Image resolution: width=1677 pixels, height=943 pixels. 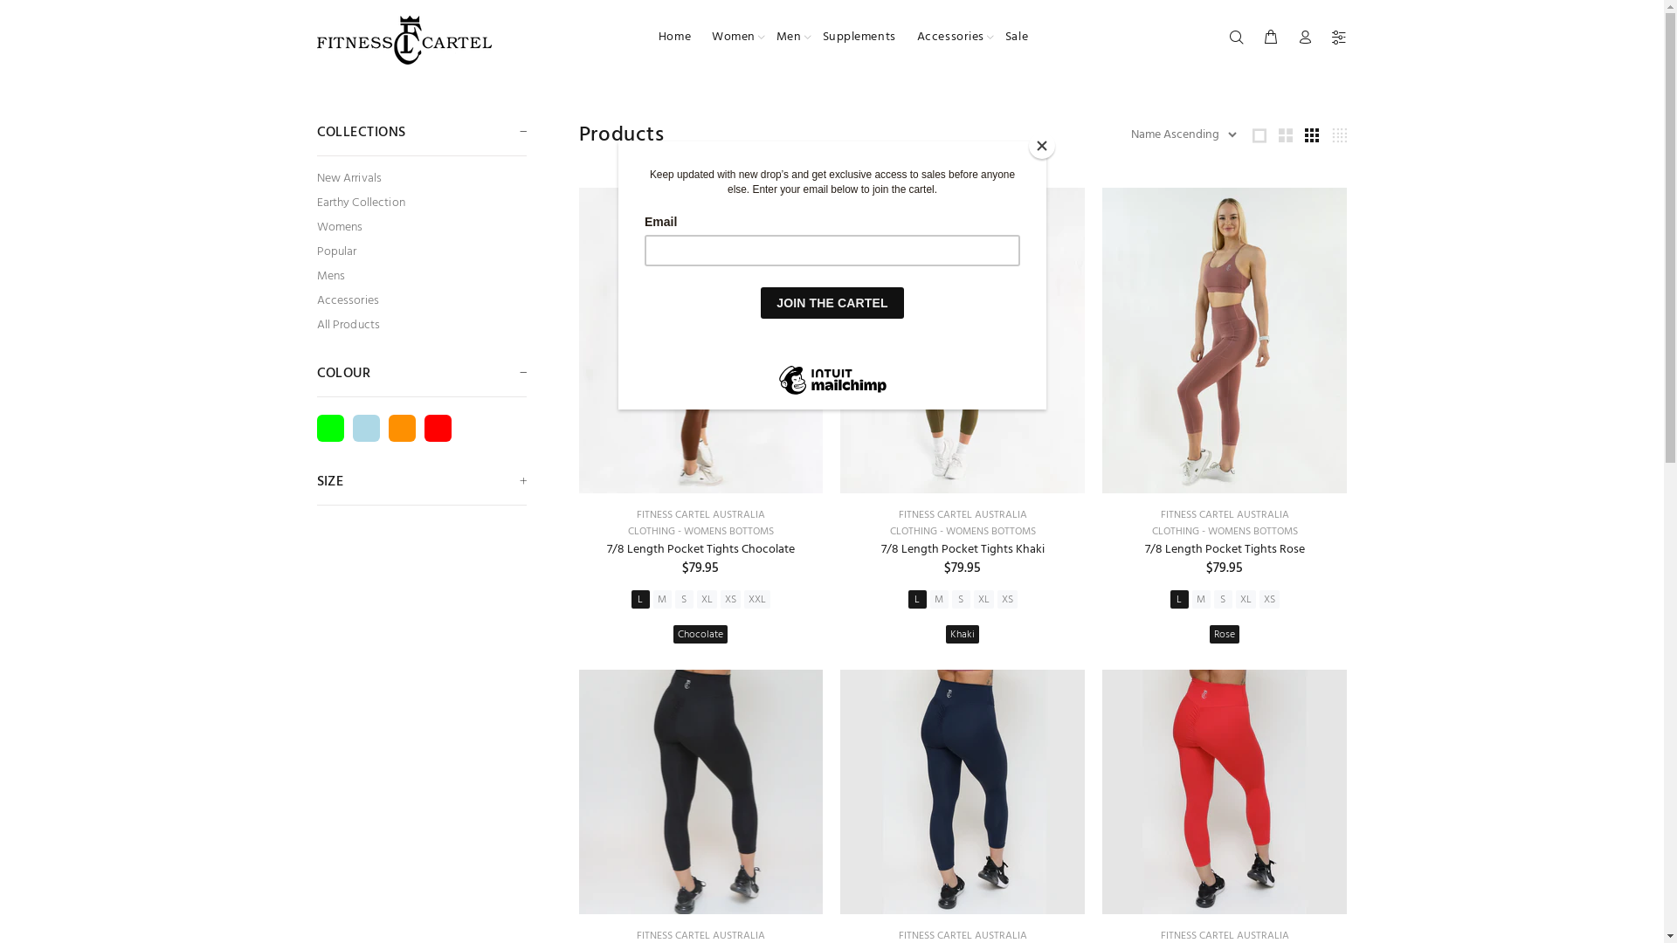 What do you see at coordinates (365, 428) in the screenshot?
I see `'Light Blue'` at bounding box center [365, 428].